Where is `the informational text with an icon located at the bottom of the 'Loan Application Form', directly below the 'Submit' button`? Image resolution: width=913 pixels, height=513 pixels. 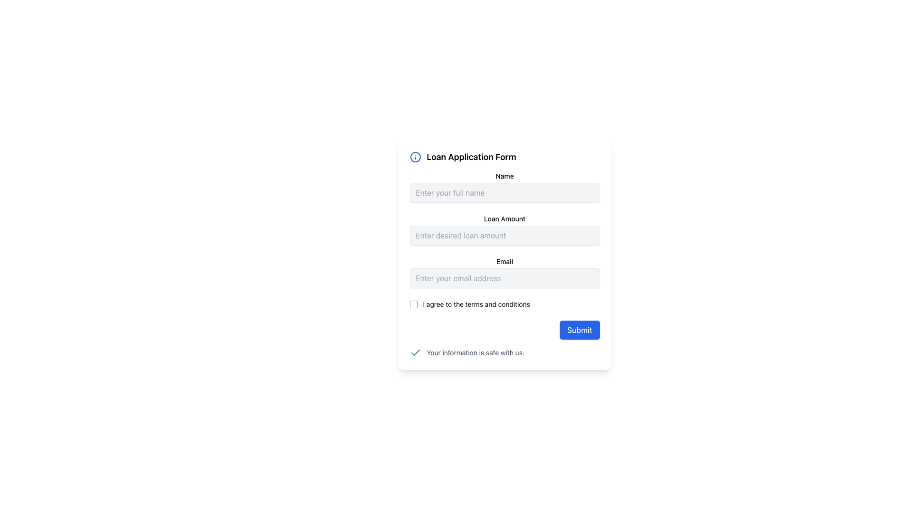 the informational text with an icon located at the bottom of the 'Loan Application Form', directly below the 'Submit' button is located at coordinates (504, 353).